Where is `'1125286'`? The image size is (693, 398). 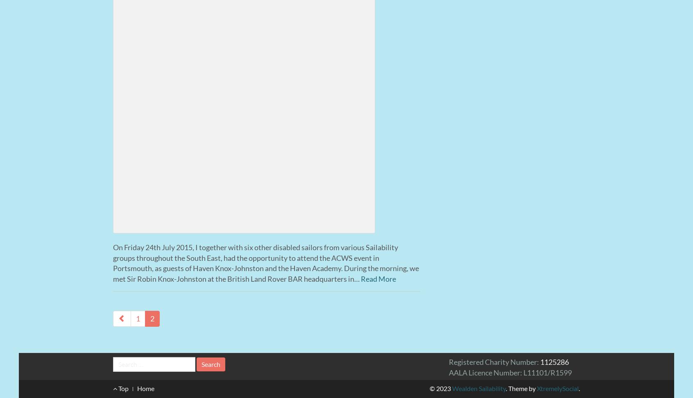
'1125286' is located at coordinates (554, 362).